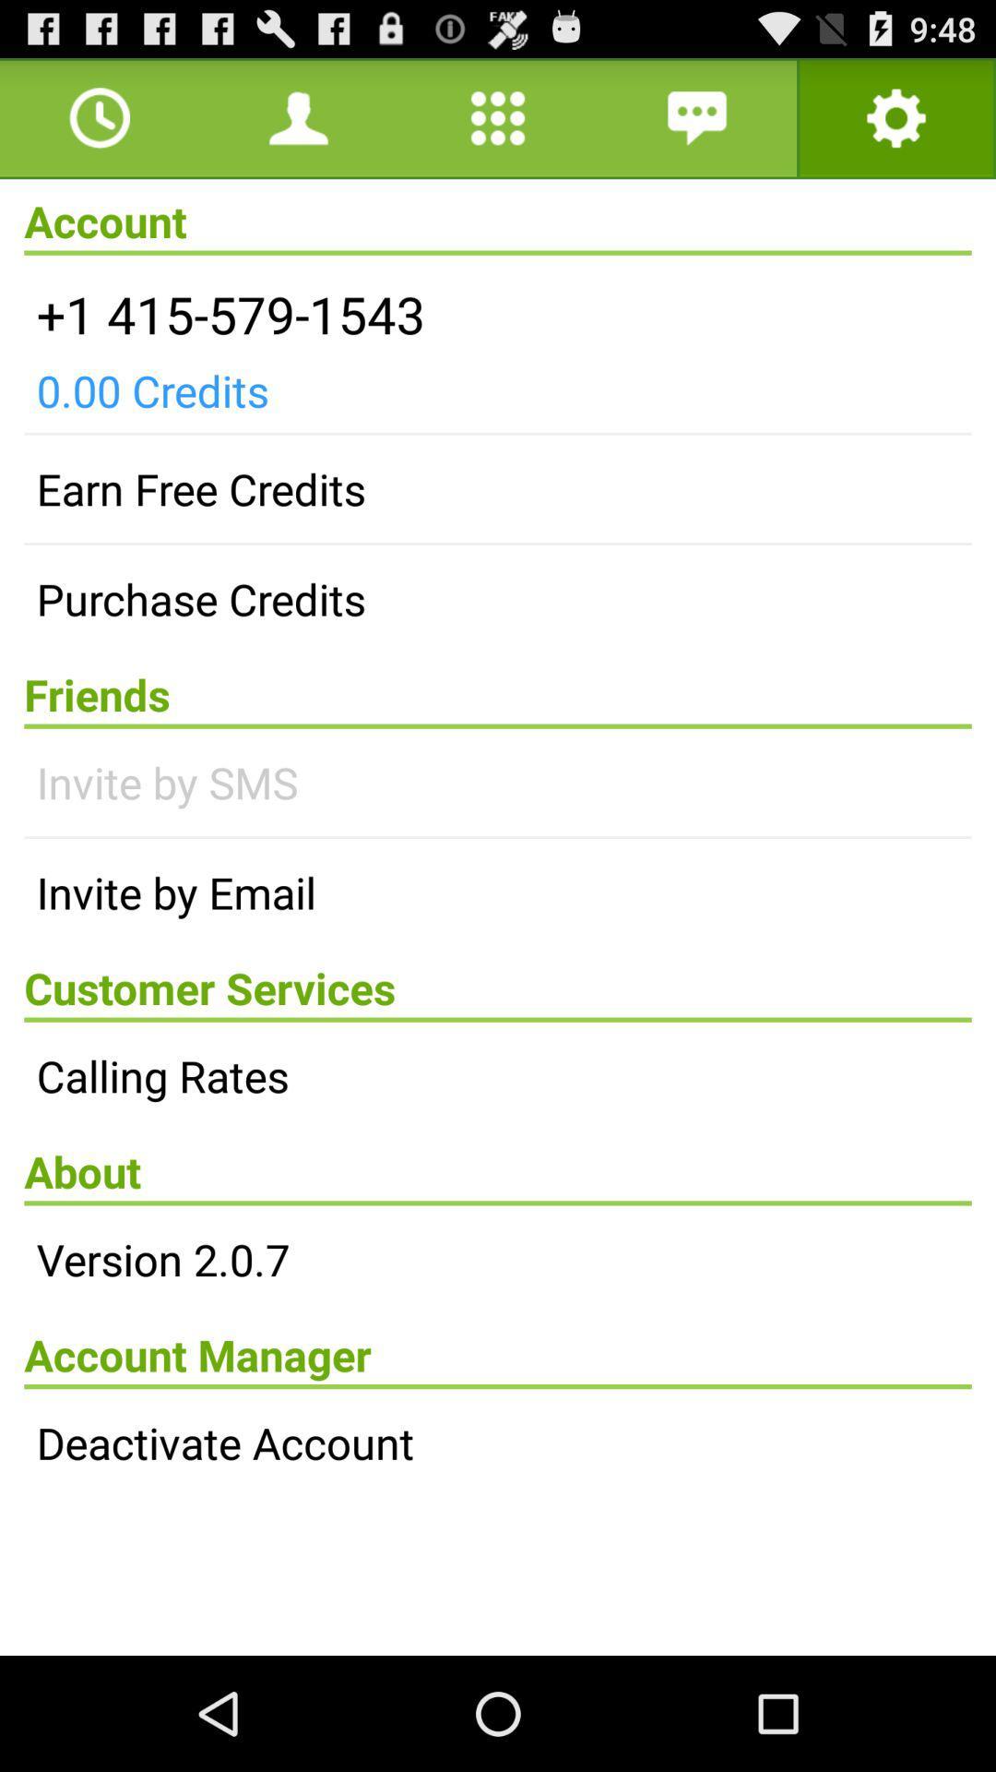 This screenshot has width=996, height=1772. Describe the element at coordinates (498, 1442) in the screenshot. I see `the deactivate account icon` at that location.